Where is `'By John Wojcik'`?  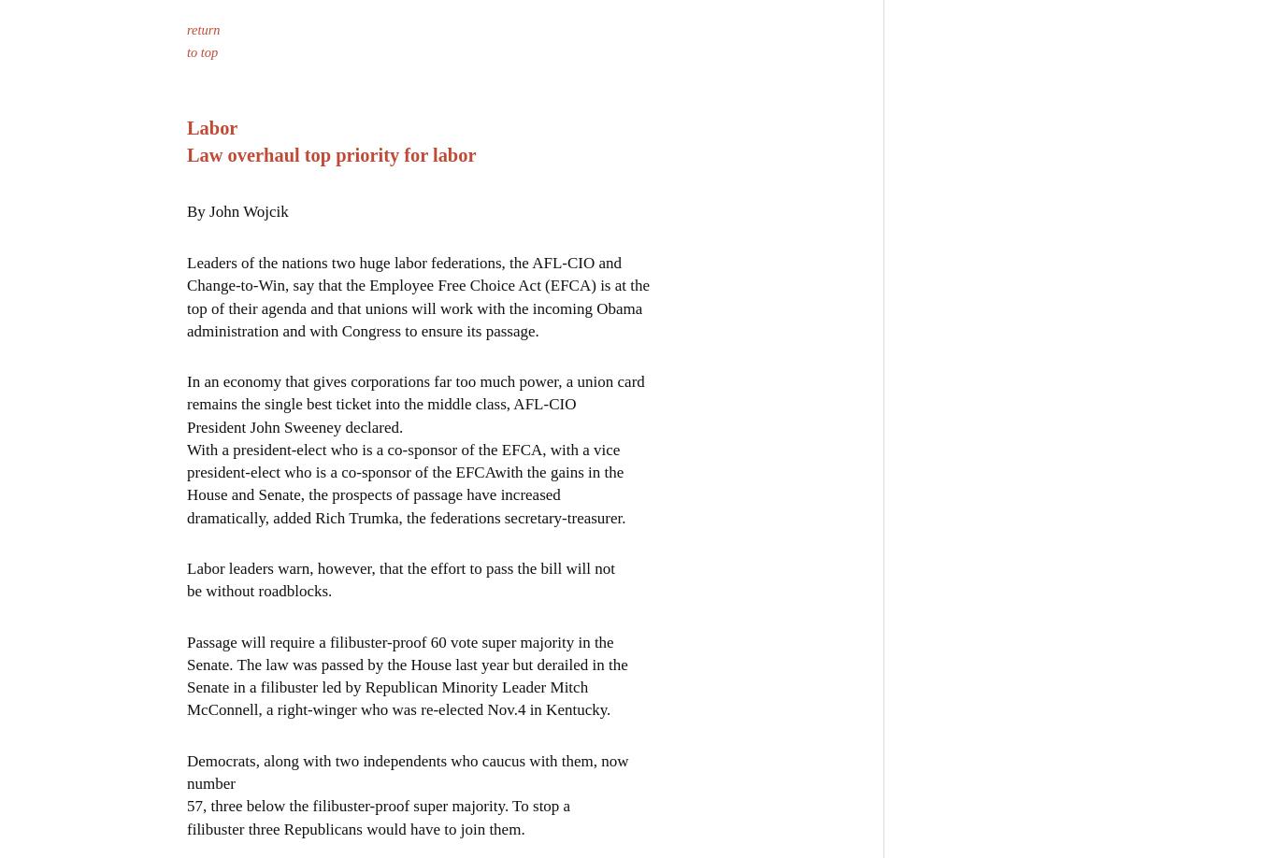 'By John Wojcik' is located at coordinates (237, 210).